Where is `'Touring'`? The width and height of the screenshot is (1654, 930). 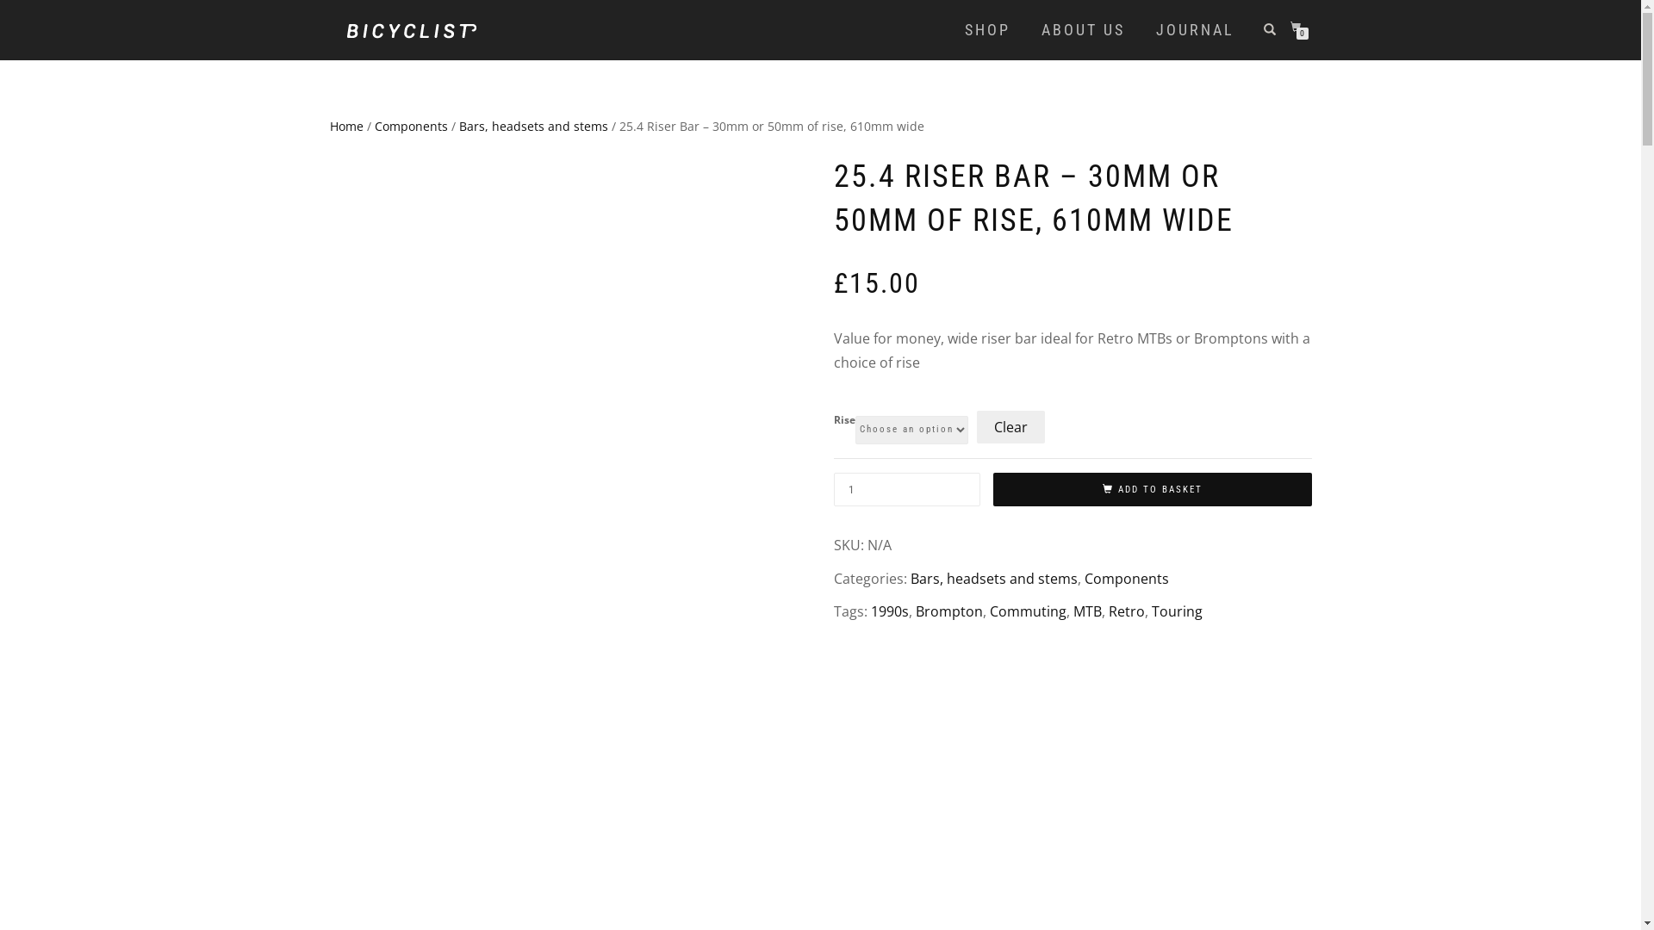 'Touring' is located at coordinates (1175, 610).